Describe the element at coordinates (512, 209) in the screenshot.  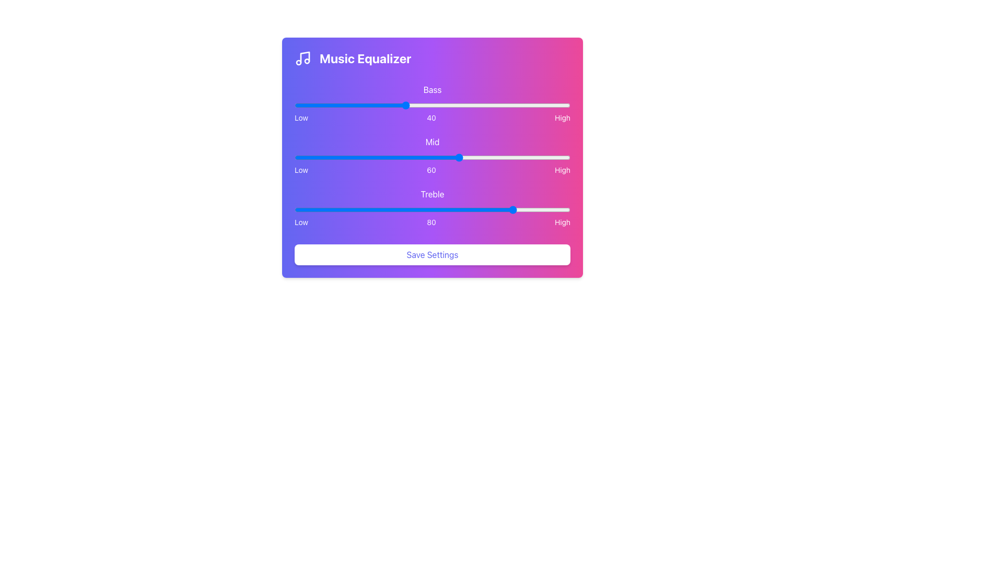
I see `the treble level` at that location.